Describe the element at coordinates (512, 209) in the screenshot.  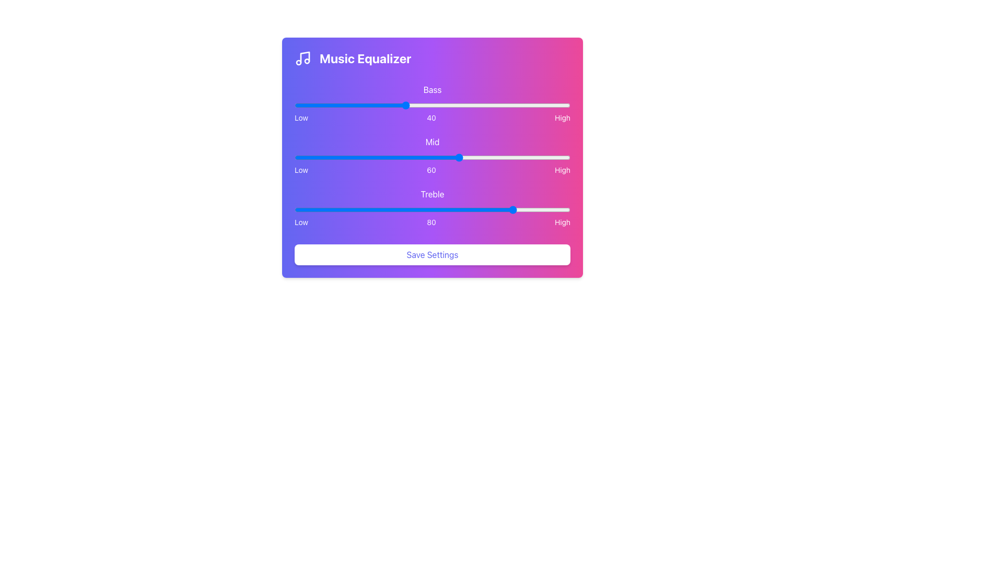
I see `the treble level` at that location.